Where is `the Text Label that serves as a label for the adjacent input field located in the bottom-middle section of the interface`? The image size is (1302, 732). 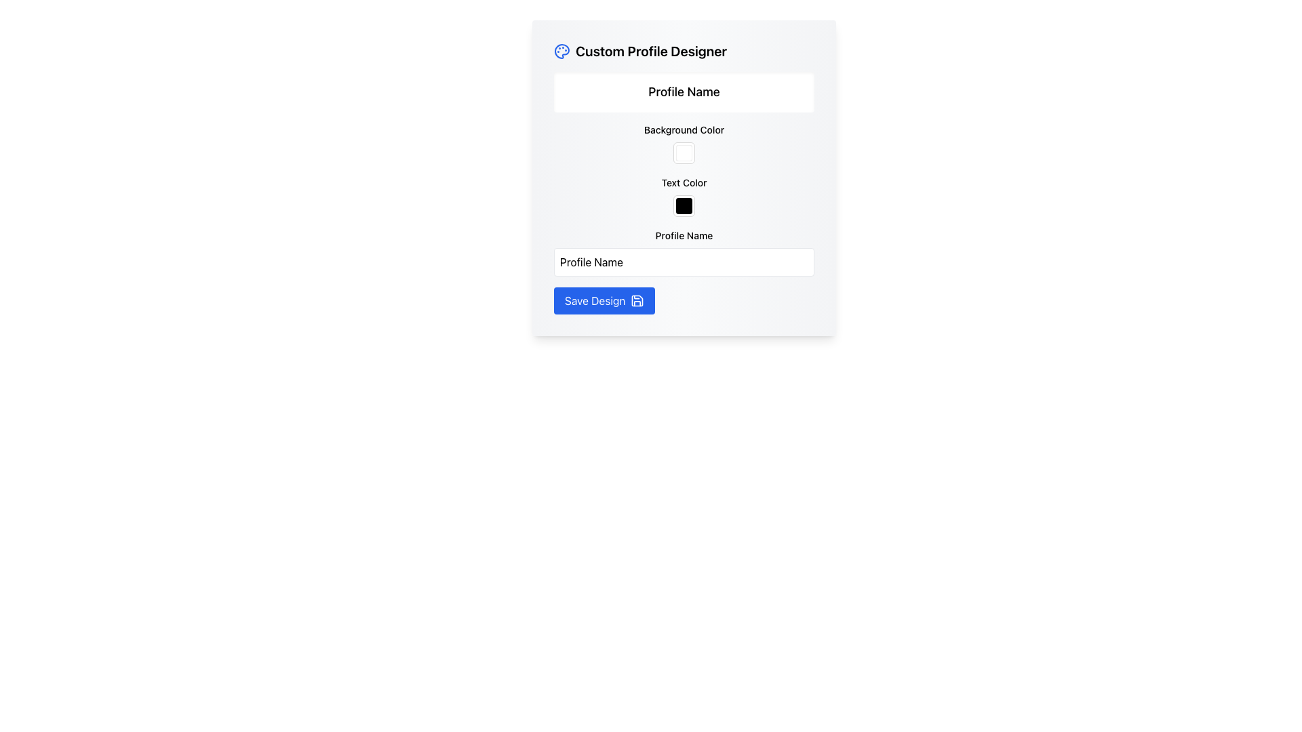
the Text Label that serves as a label for the adjacent input field located in the bottom-middle section of the interface is located at coordinates (684, 235).